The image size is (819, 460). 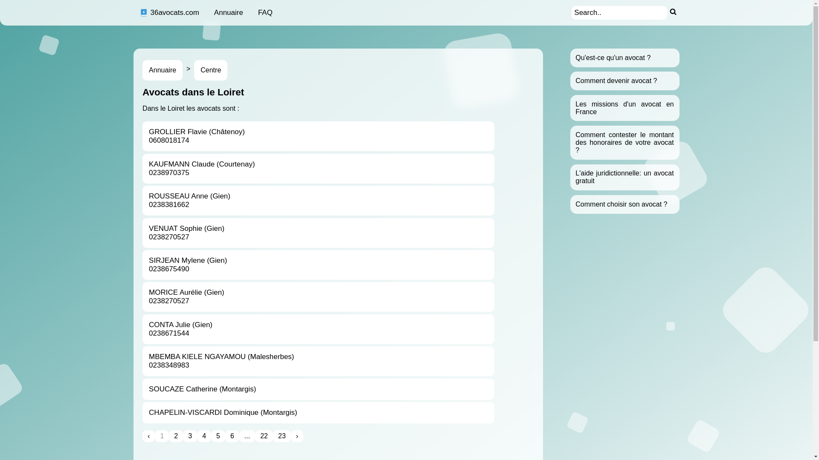 I want to click on '5', so click(x=211, y=436).